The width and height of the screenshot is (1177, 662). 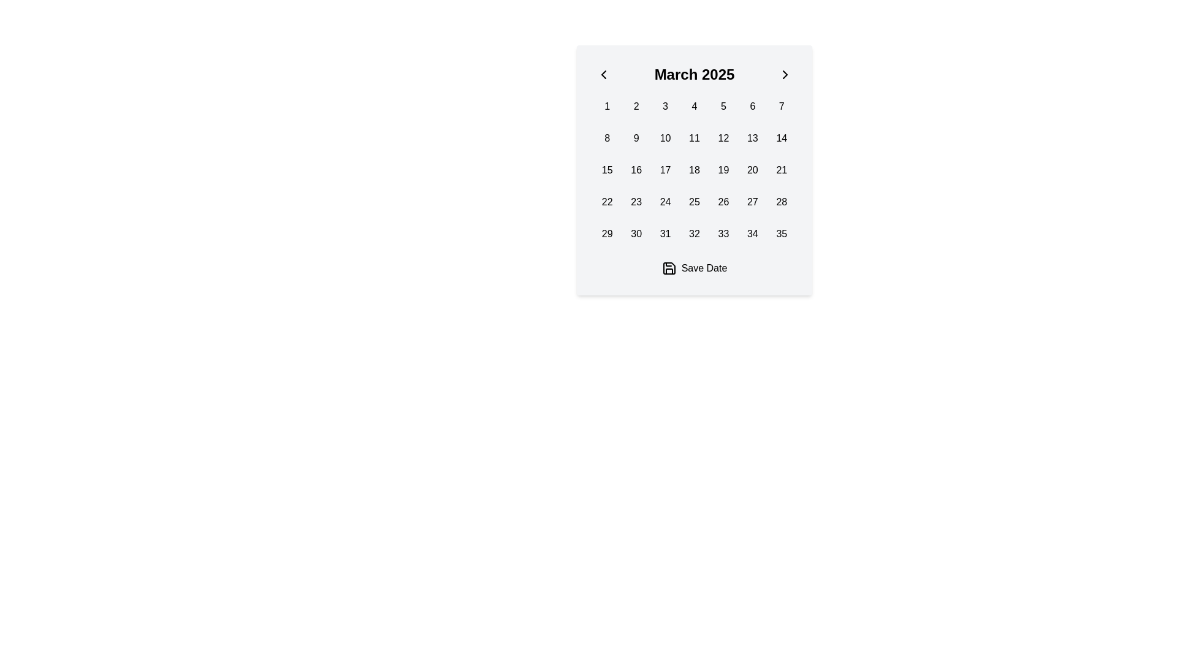 I want to click on the selectable button in the grid layout that represents the number '16', located in the third row and second column, so click(x=636, y=170).